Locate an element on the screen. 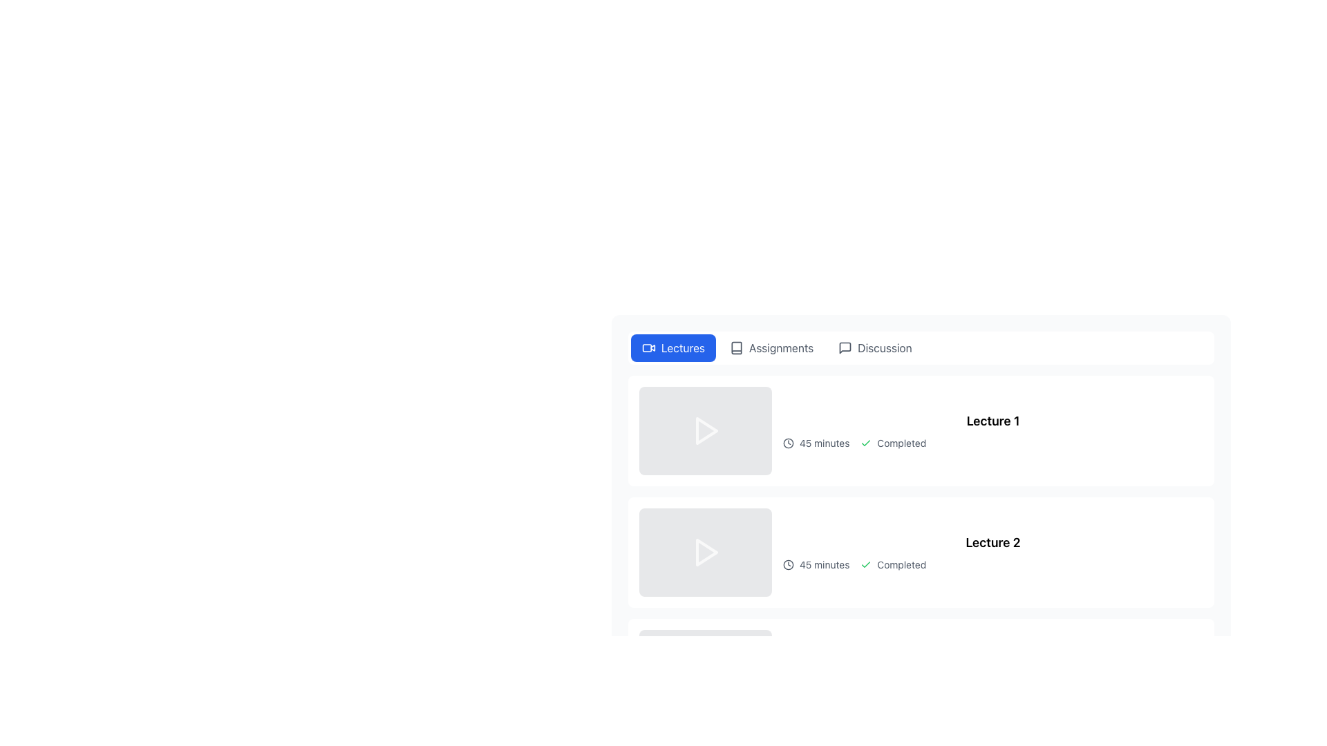 This screenshot has height=746, width=1327. text displayed in the Text label that shows the duration of the lecture or task, positioned near the top-left of the first lecture entry, between a clock symbol and the word 'Completed' is located at coordinates (825, 443).